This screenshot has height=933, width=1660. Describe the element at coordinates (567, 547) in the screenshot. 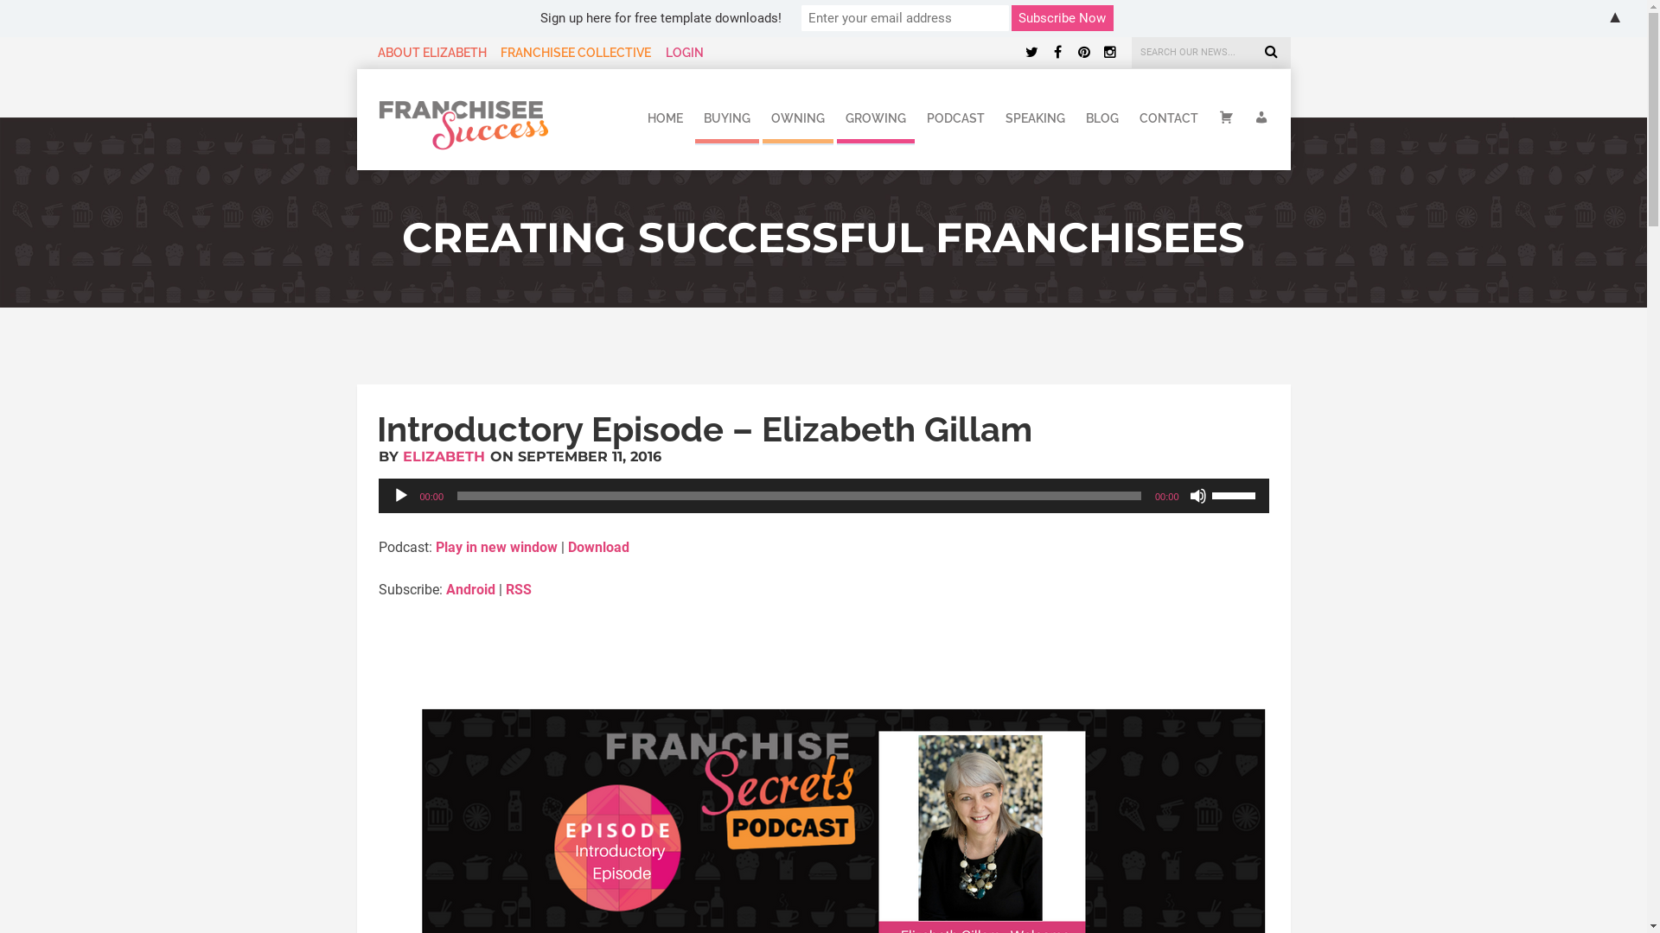

I see `'Download'` at that location.